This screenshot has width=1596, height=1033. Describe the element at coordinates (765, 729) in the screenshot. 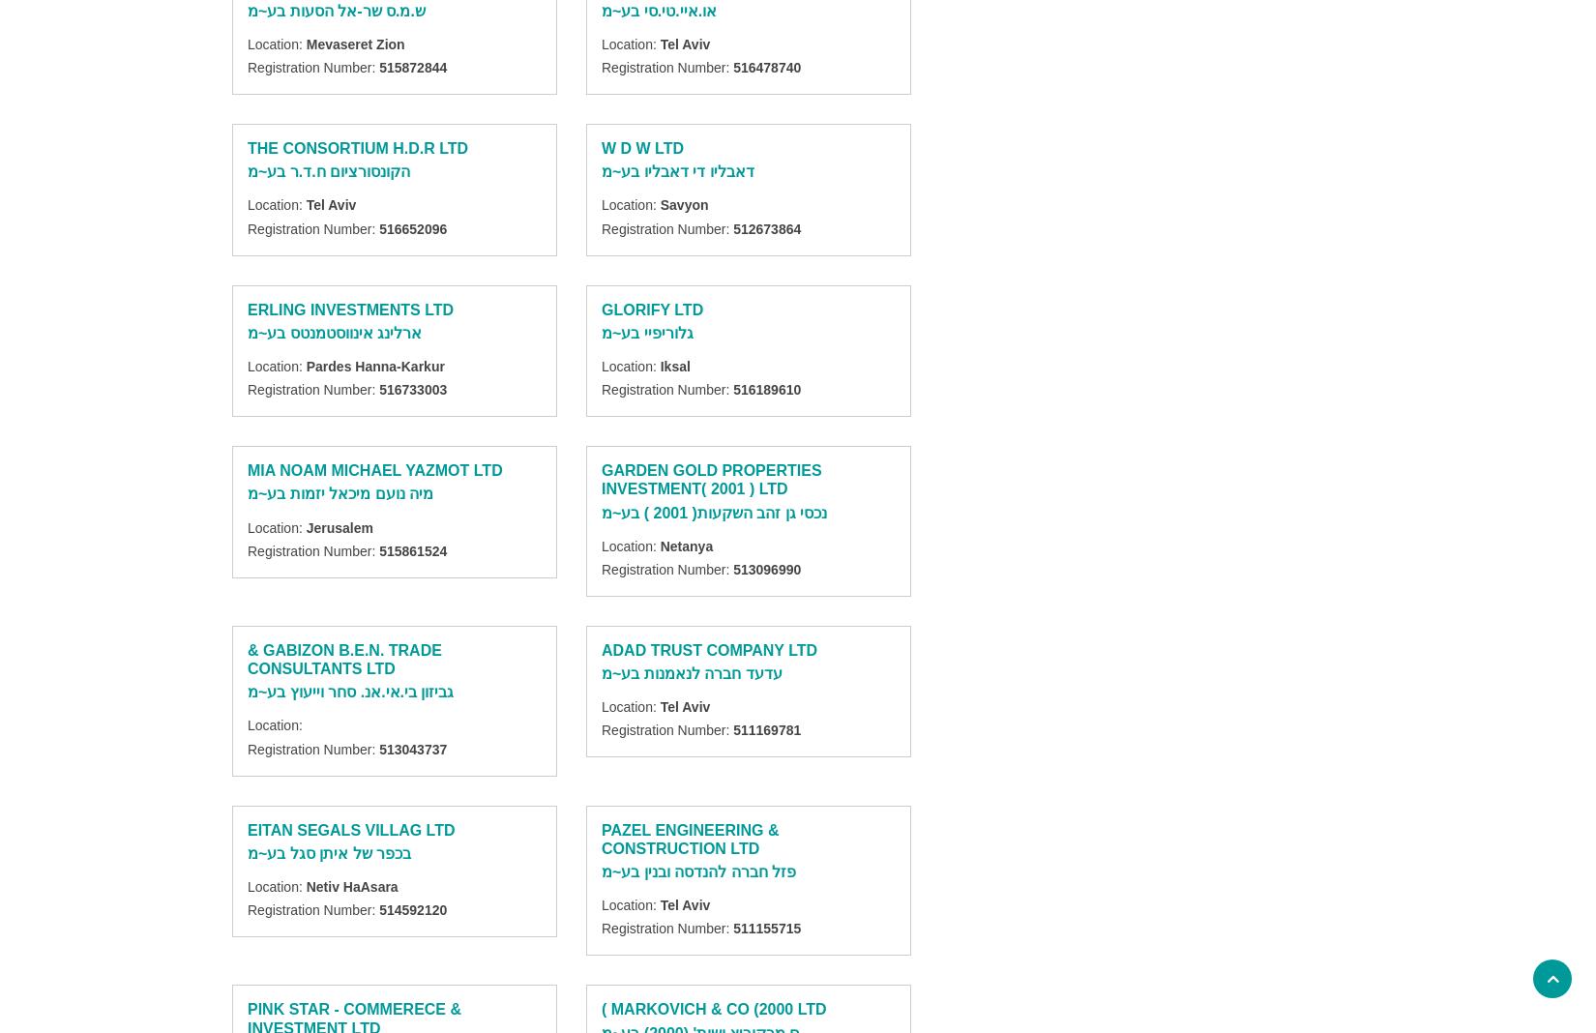

I see `'511169781'` at that location.